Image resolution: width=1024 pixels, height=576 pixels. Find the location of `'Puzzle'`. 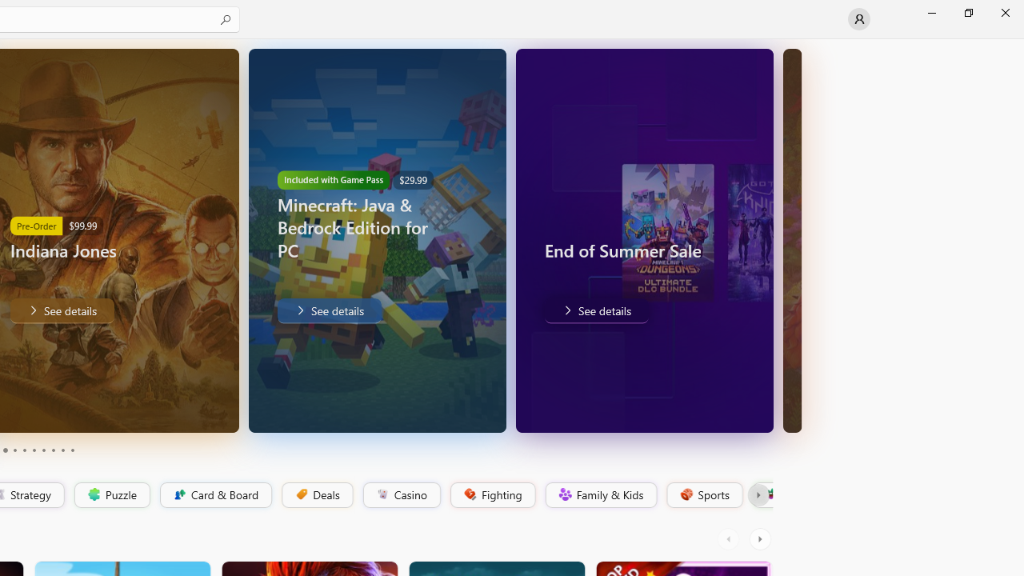

'Puzzle' is located at coordinates (110, 494).